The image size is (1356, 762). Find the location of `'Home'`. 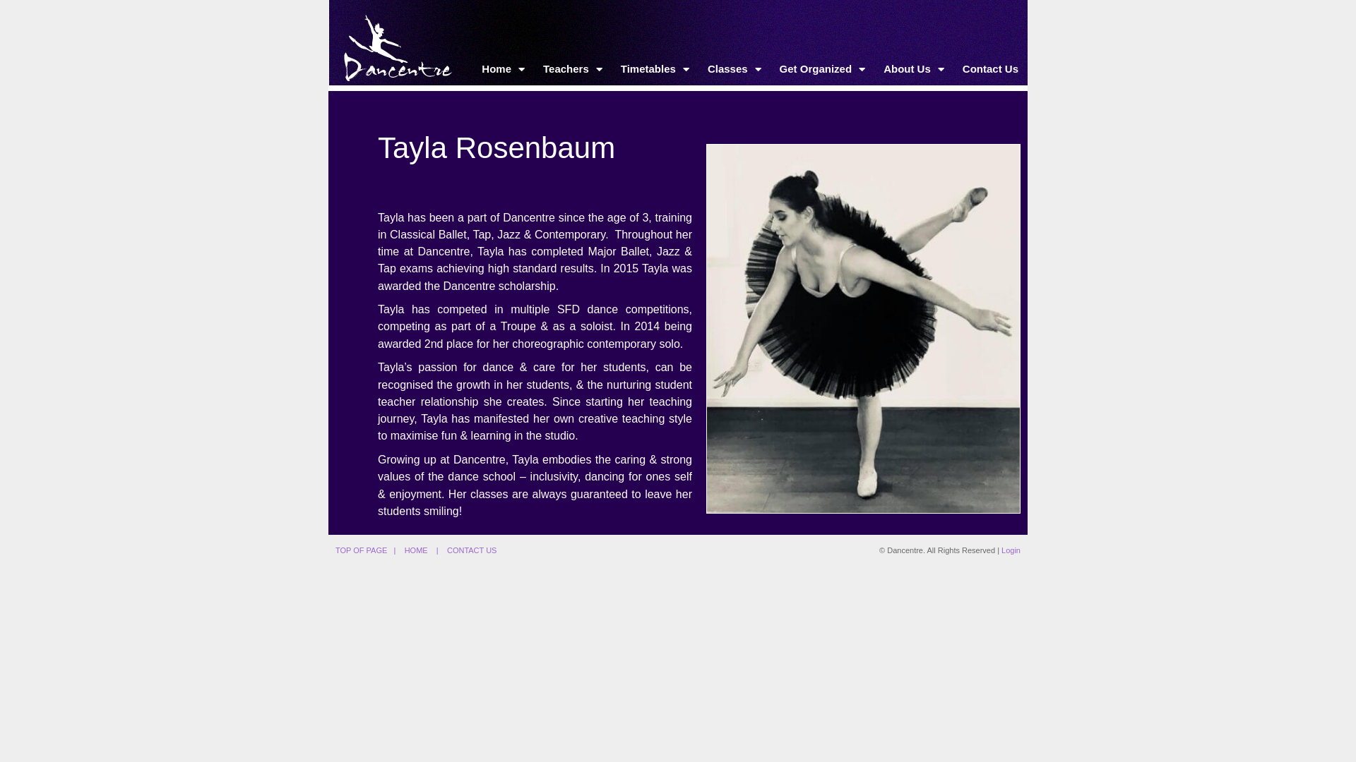

'Home' is located at coordinates (472, 68).